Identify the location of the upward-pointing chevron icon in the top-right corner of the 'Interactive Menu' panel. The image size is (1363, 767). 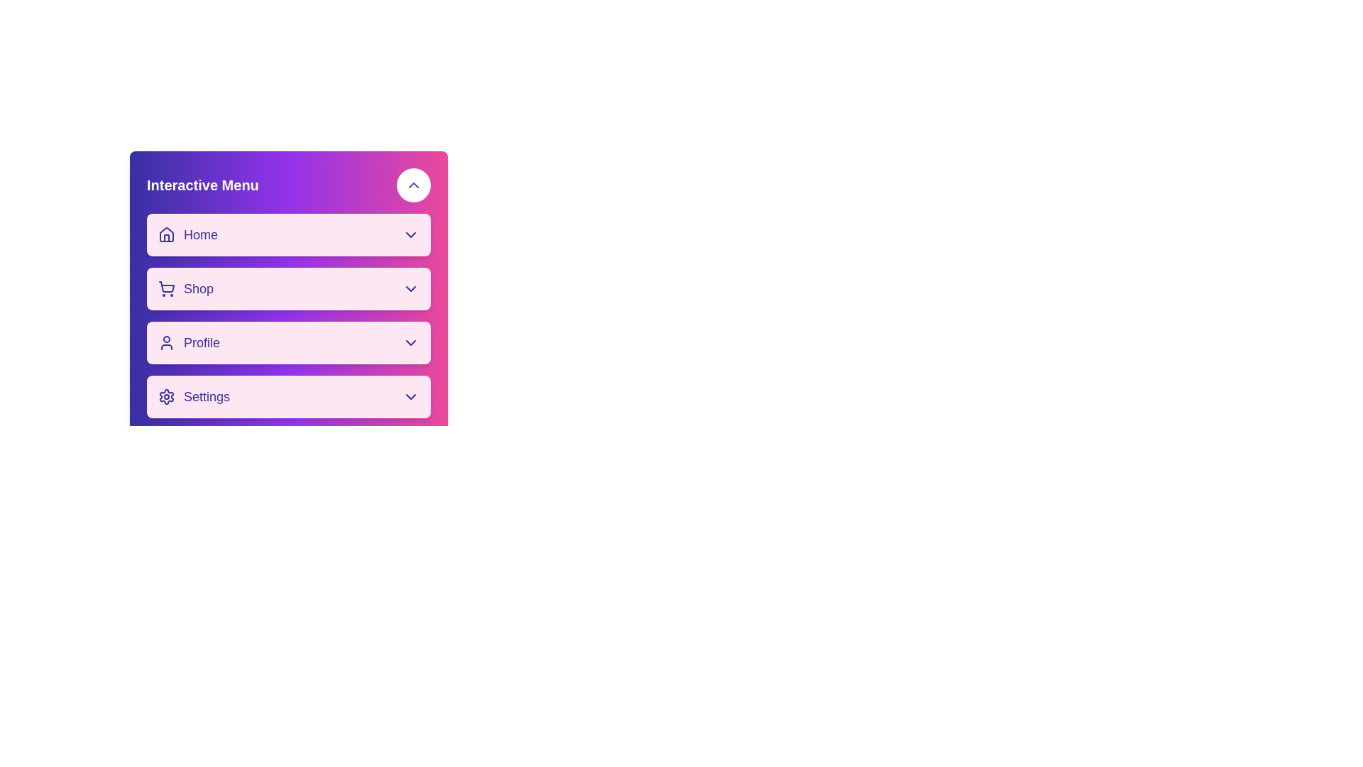
(412, 185).